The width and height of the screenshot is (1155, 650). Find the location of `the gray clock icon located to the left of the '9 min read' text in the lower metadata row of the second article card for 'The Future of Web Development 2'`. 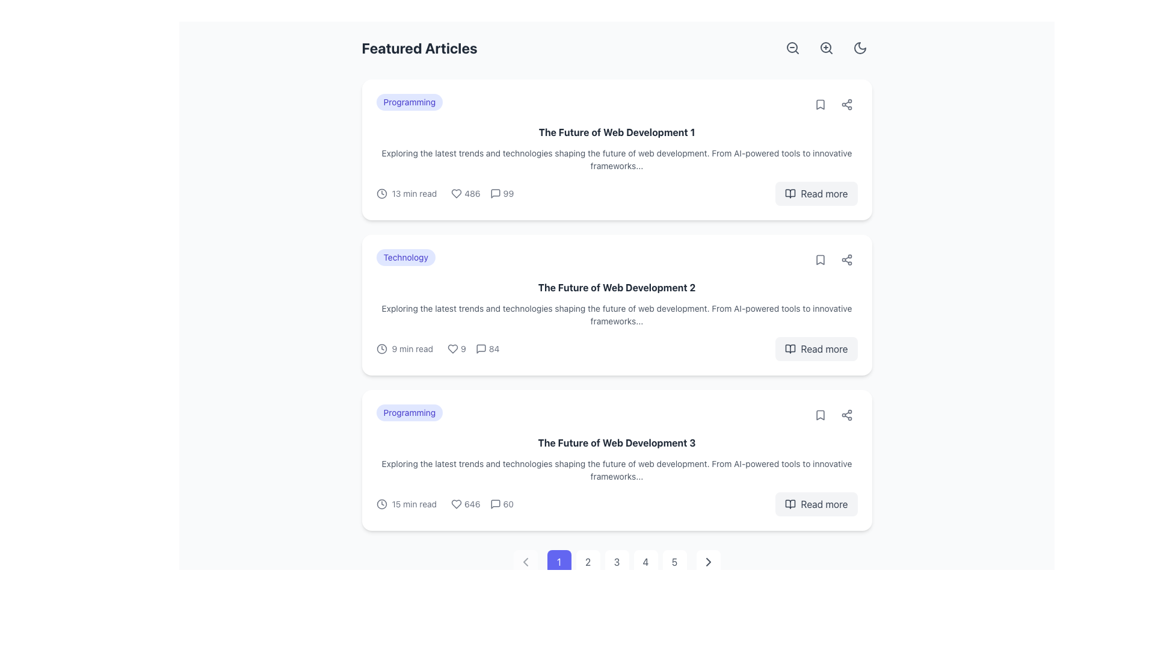

the gray clock icon located to the left of the '9 min read' text in the lower metadata row of the second article card for 'The Future of Web Development 2' is located at coordinates (381, 348).